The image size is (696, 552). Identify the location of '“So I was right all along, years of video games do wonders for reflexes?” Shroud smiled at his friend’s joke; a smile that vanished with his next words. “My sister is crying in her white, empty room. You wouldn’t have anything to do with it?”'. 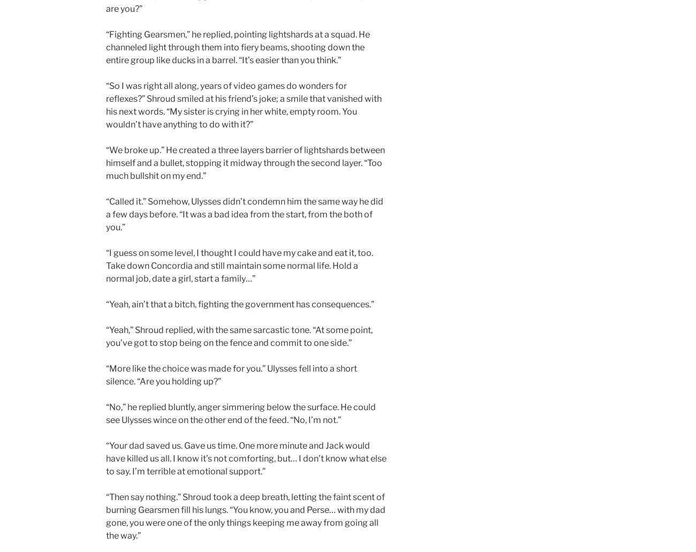
(105, 104).